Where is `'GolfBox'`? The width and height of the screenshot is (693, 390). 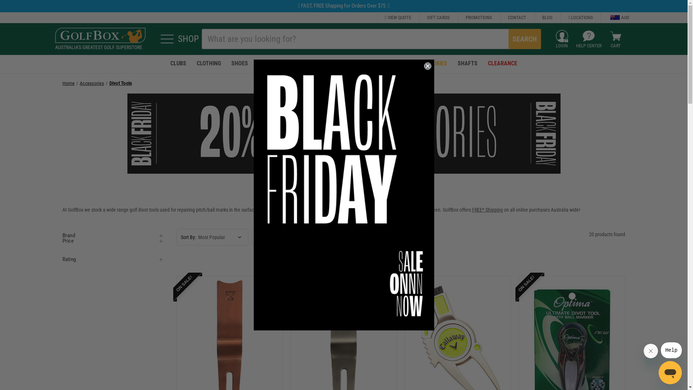 'GolfBox' is located at coordinates (100, 35).